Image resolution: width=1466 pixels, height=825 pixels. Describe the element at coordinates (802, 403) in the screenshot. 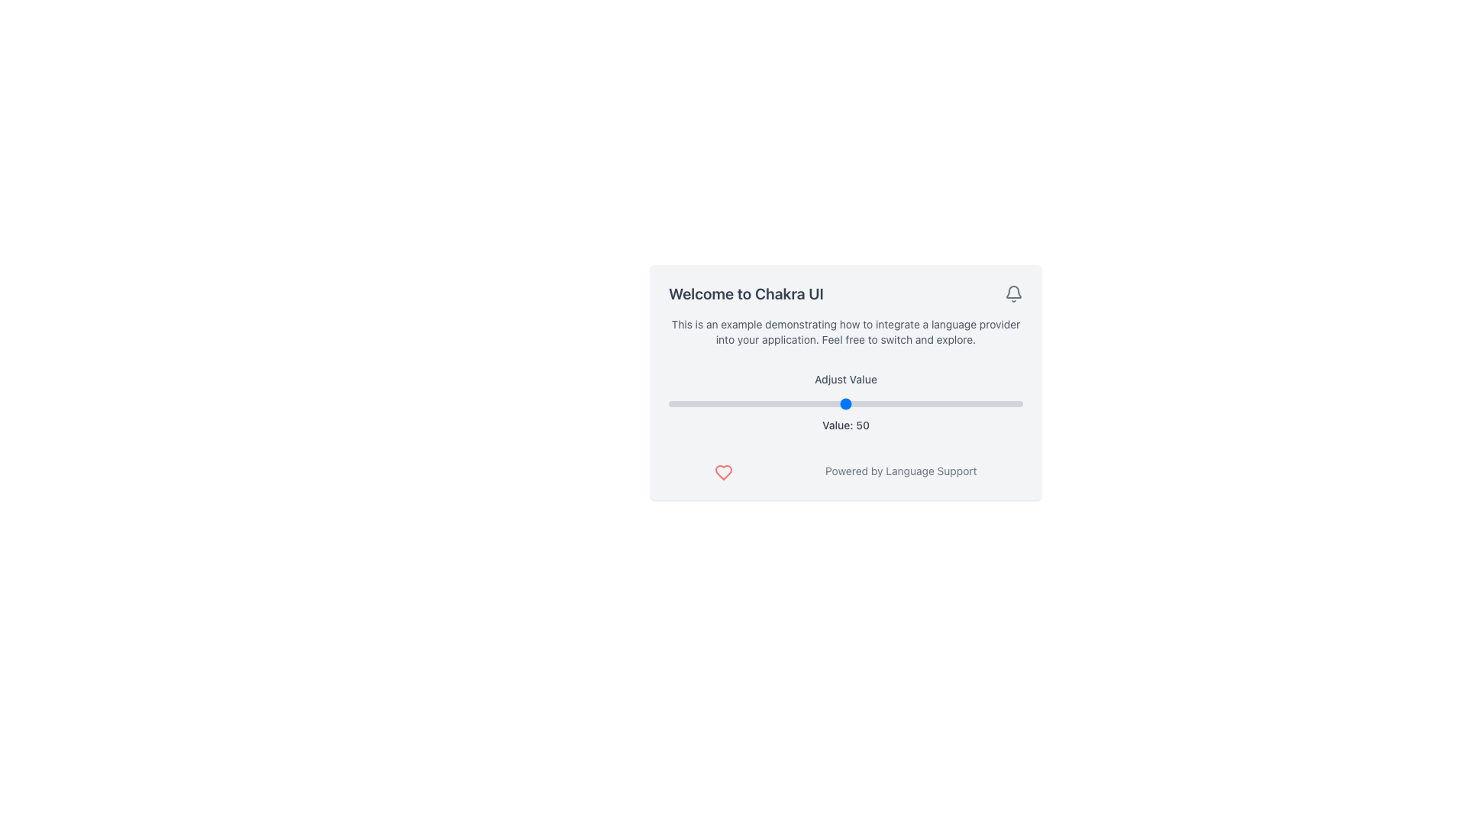

I see `the adjustment slider` at that location.